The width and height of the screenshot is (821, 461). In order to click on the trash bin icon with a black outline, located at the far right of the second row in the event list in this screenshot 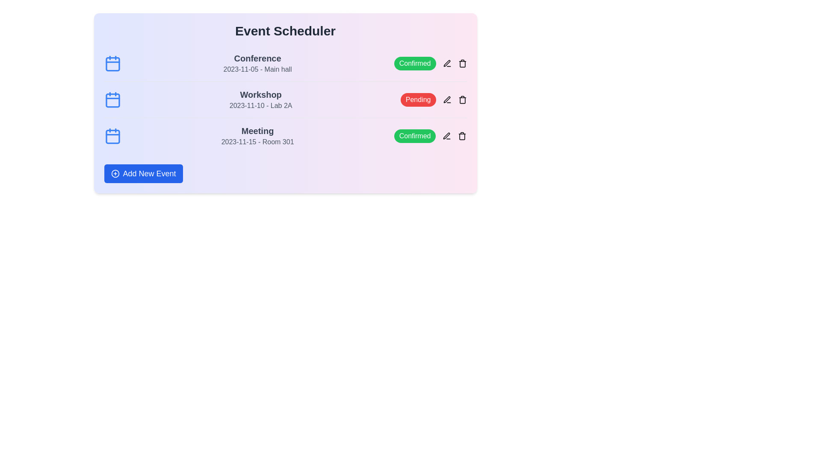, I will do `click(462, 99)`.